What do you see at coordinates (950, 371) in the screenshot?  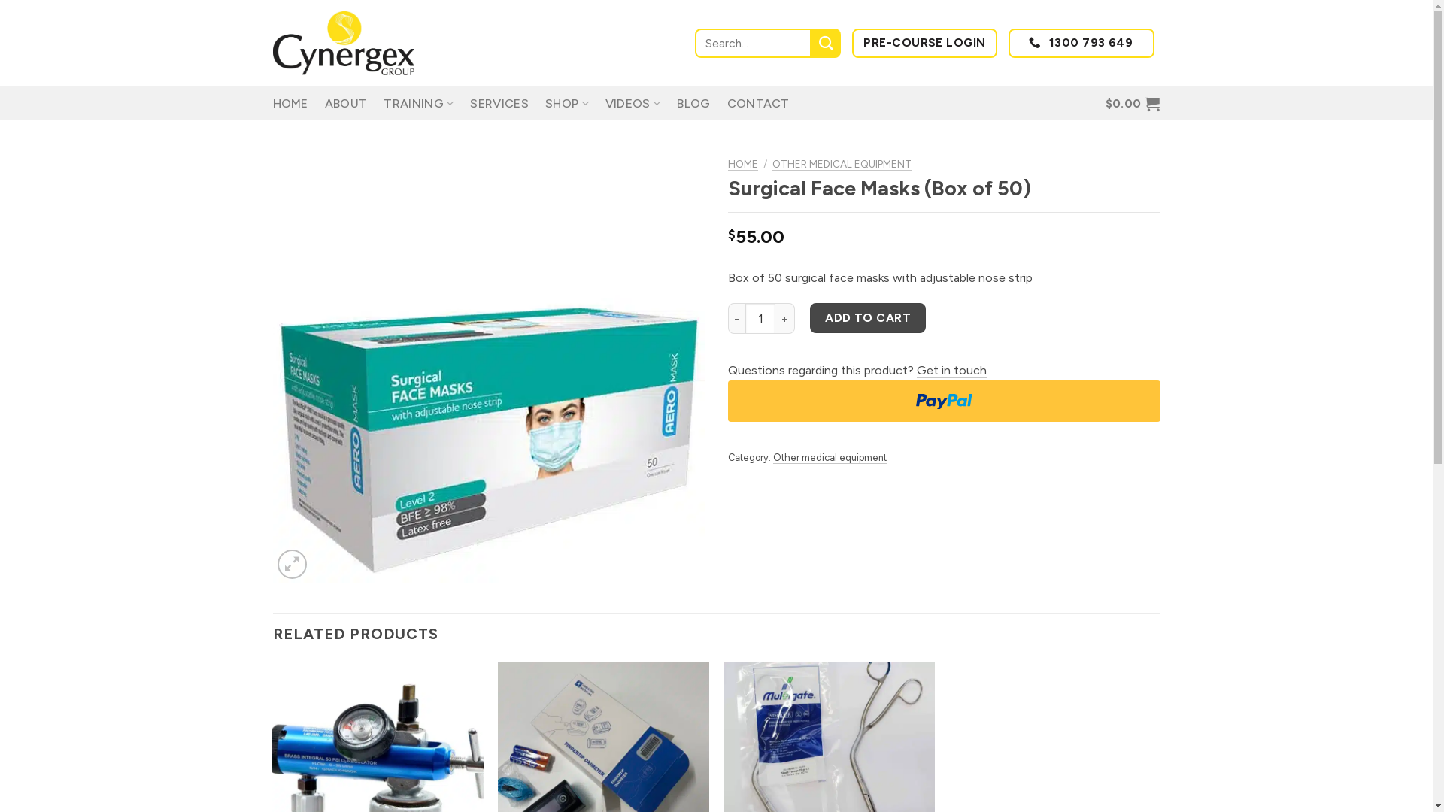 I see `'Get in touch'` at bounding box center [950, 371].